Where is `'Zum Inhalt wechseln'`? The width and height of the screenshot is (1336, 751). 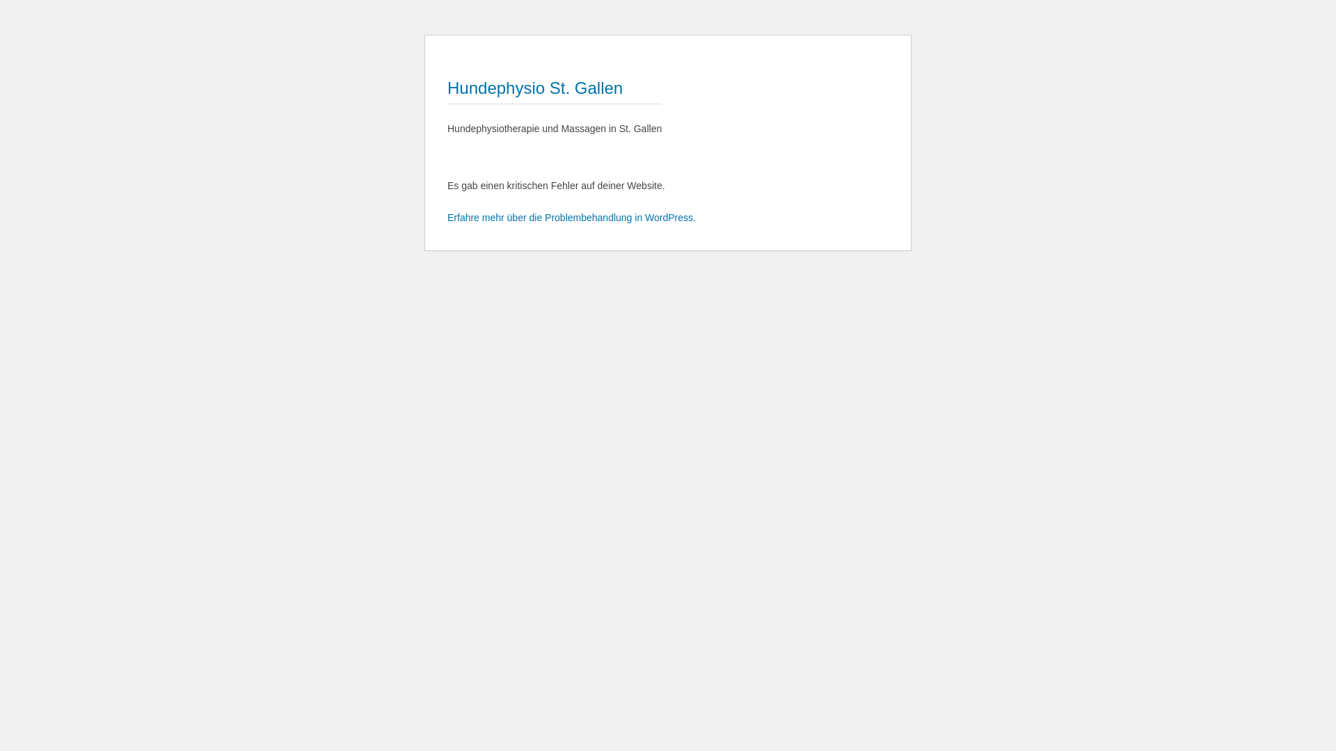 'Zum Inhalt wechseln' is located at coordinates (447, 45).